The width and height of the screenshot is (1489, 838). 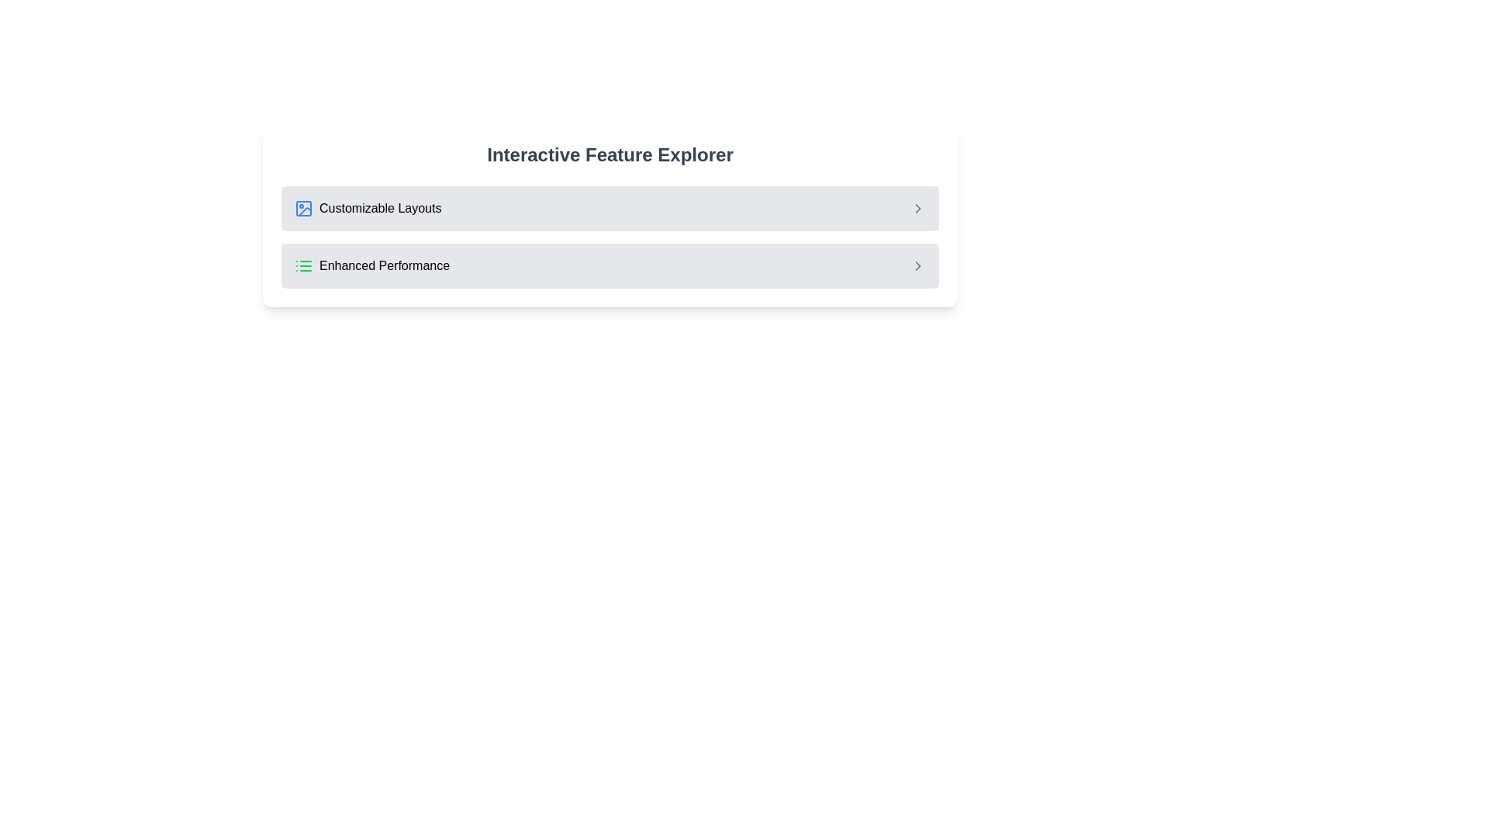 I want to click on the first item in the 'Interactive Feature Explorer' list, so click(x=610, y=208).